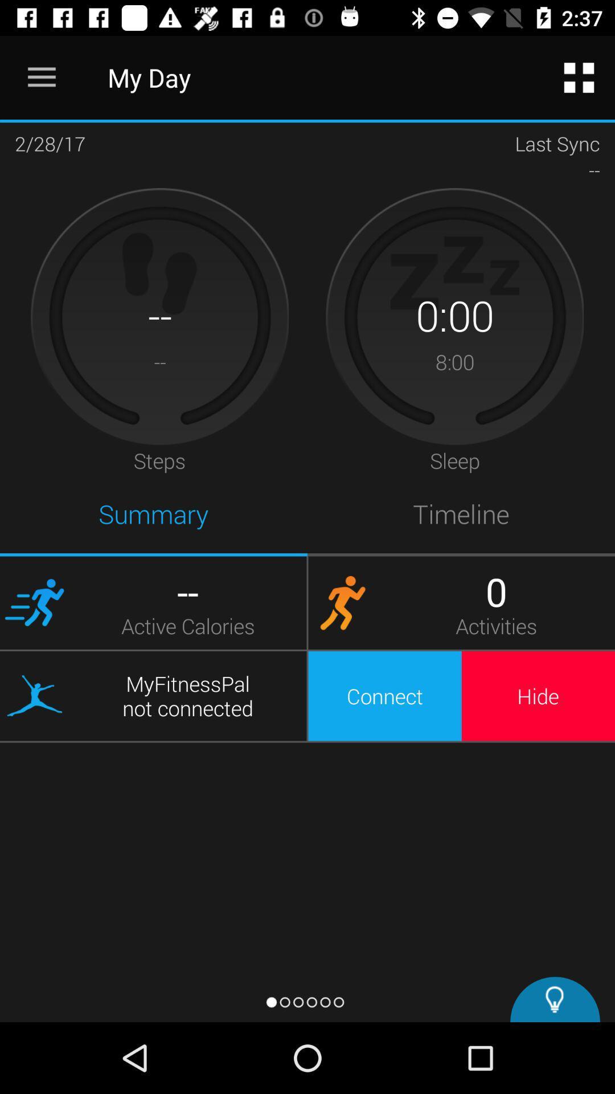 Image resolution: width=615 pixels, height=1094 pixels. I want to click on hide icon, so click(538, 695).